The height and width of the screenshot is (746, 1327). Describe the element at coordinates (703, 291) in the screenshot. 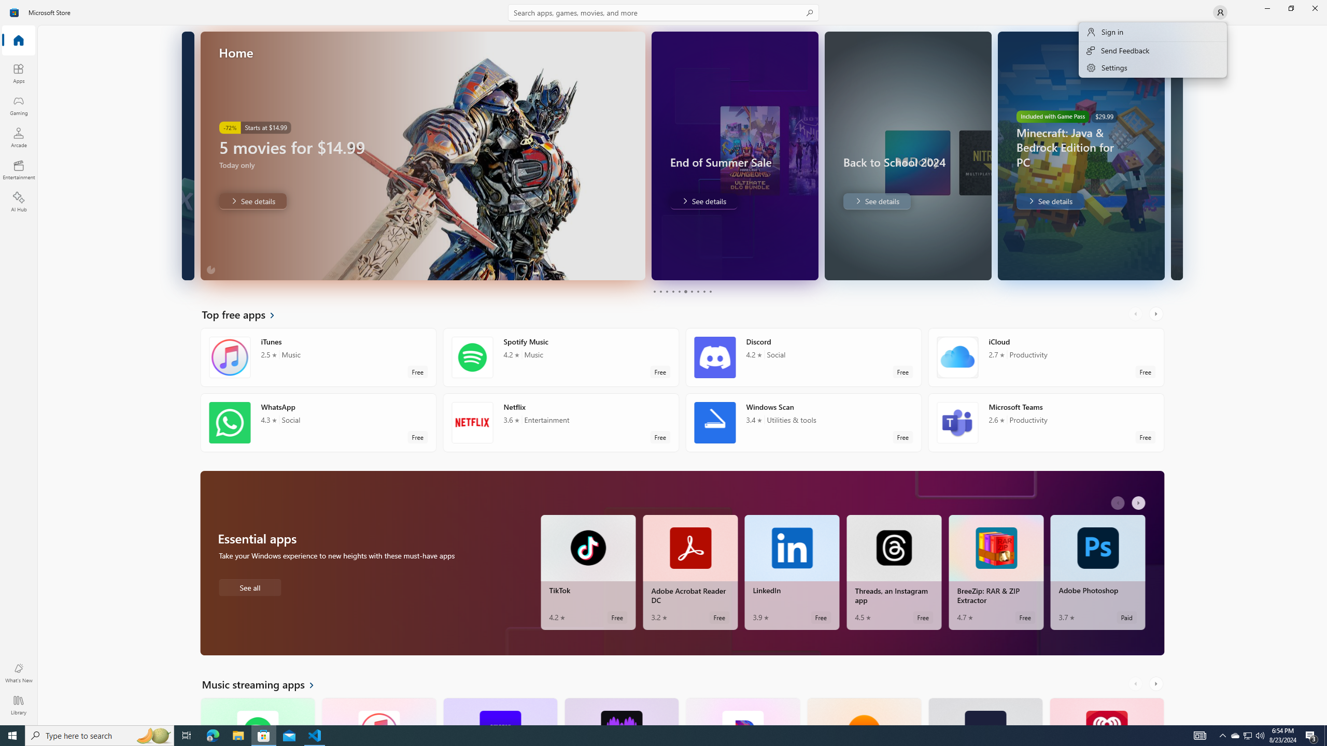

I see `'Page 9'` at that location.